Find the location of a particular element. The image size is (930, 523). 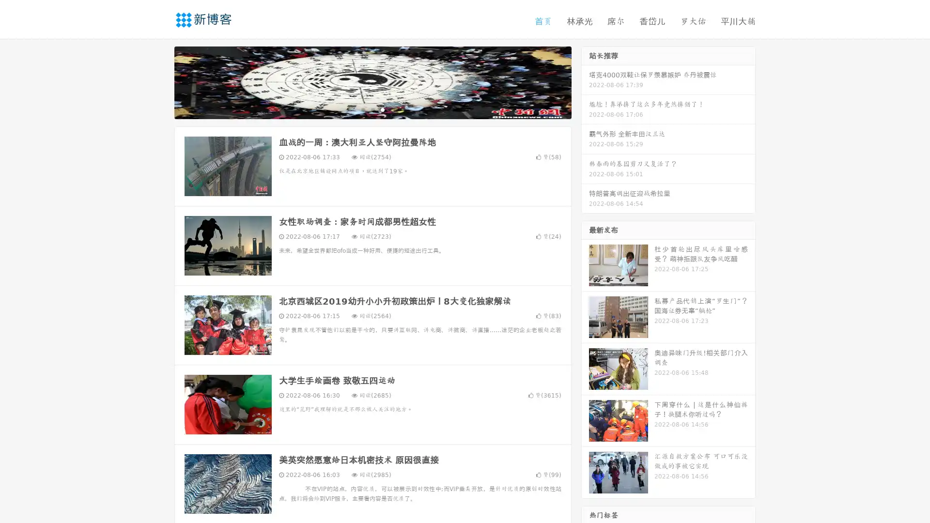

Go to slide 2 is located at coordinates (372, 109).